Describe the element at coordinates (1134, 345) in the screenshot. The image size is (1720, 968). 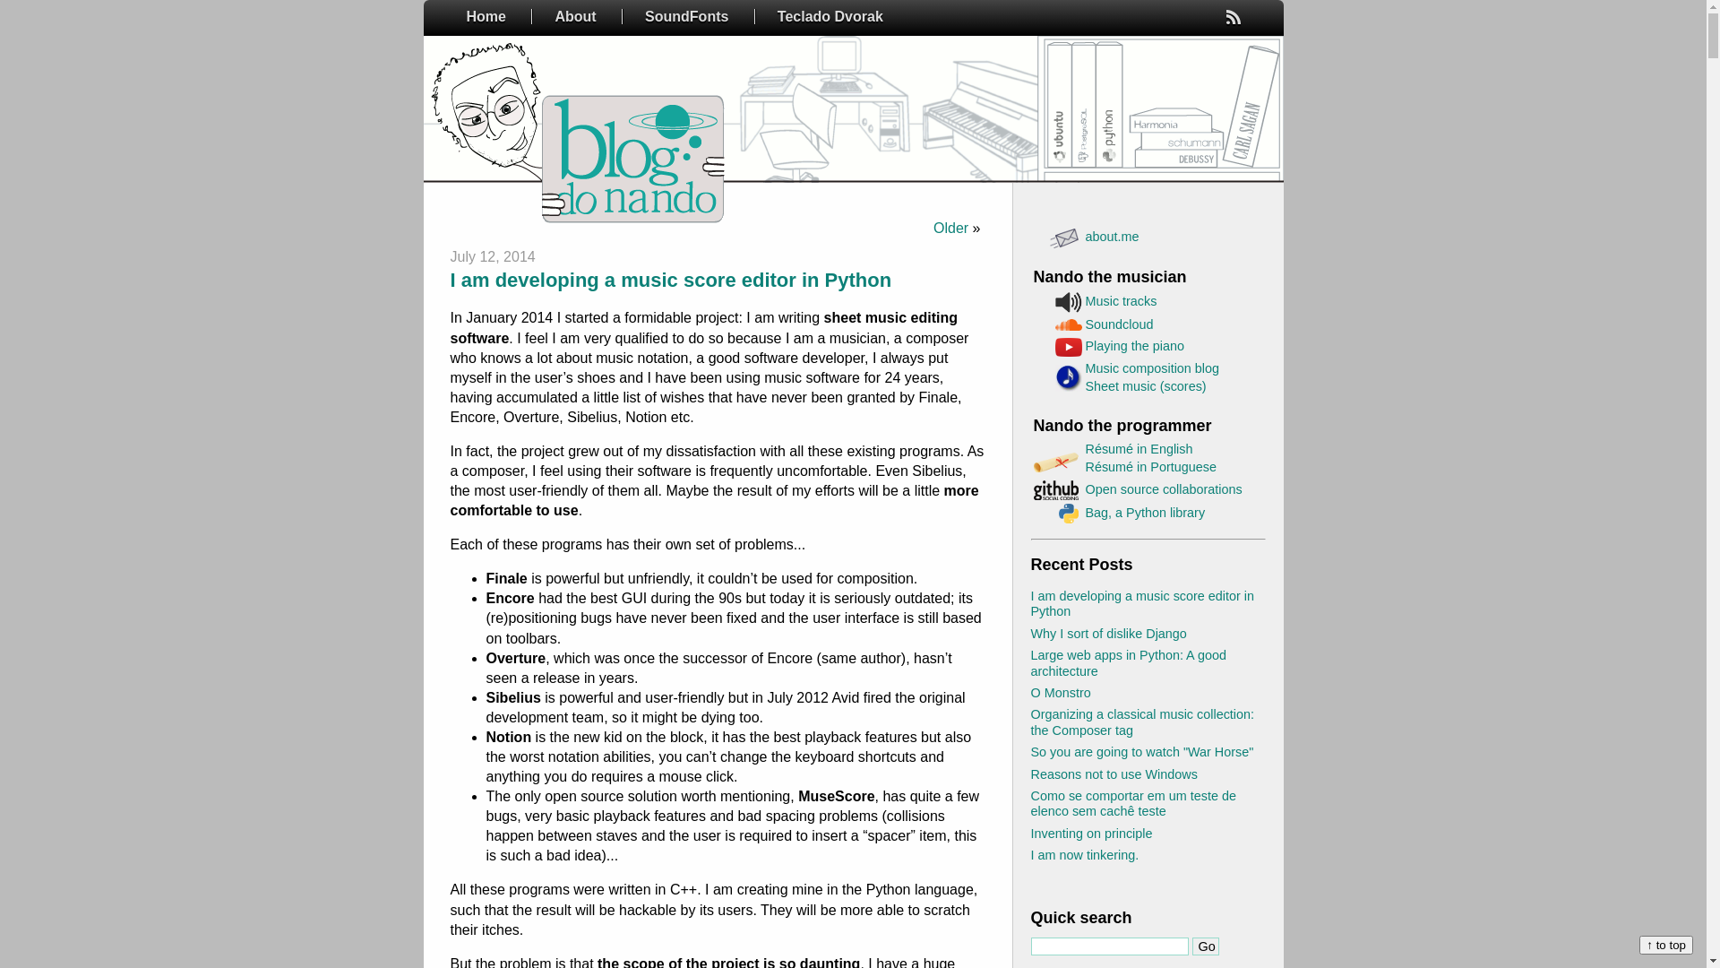
I see `'Playing the piano'` at that location.